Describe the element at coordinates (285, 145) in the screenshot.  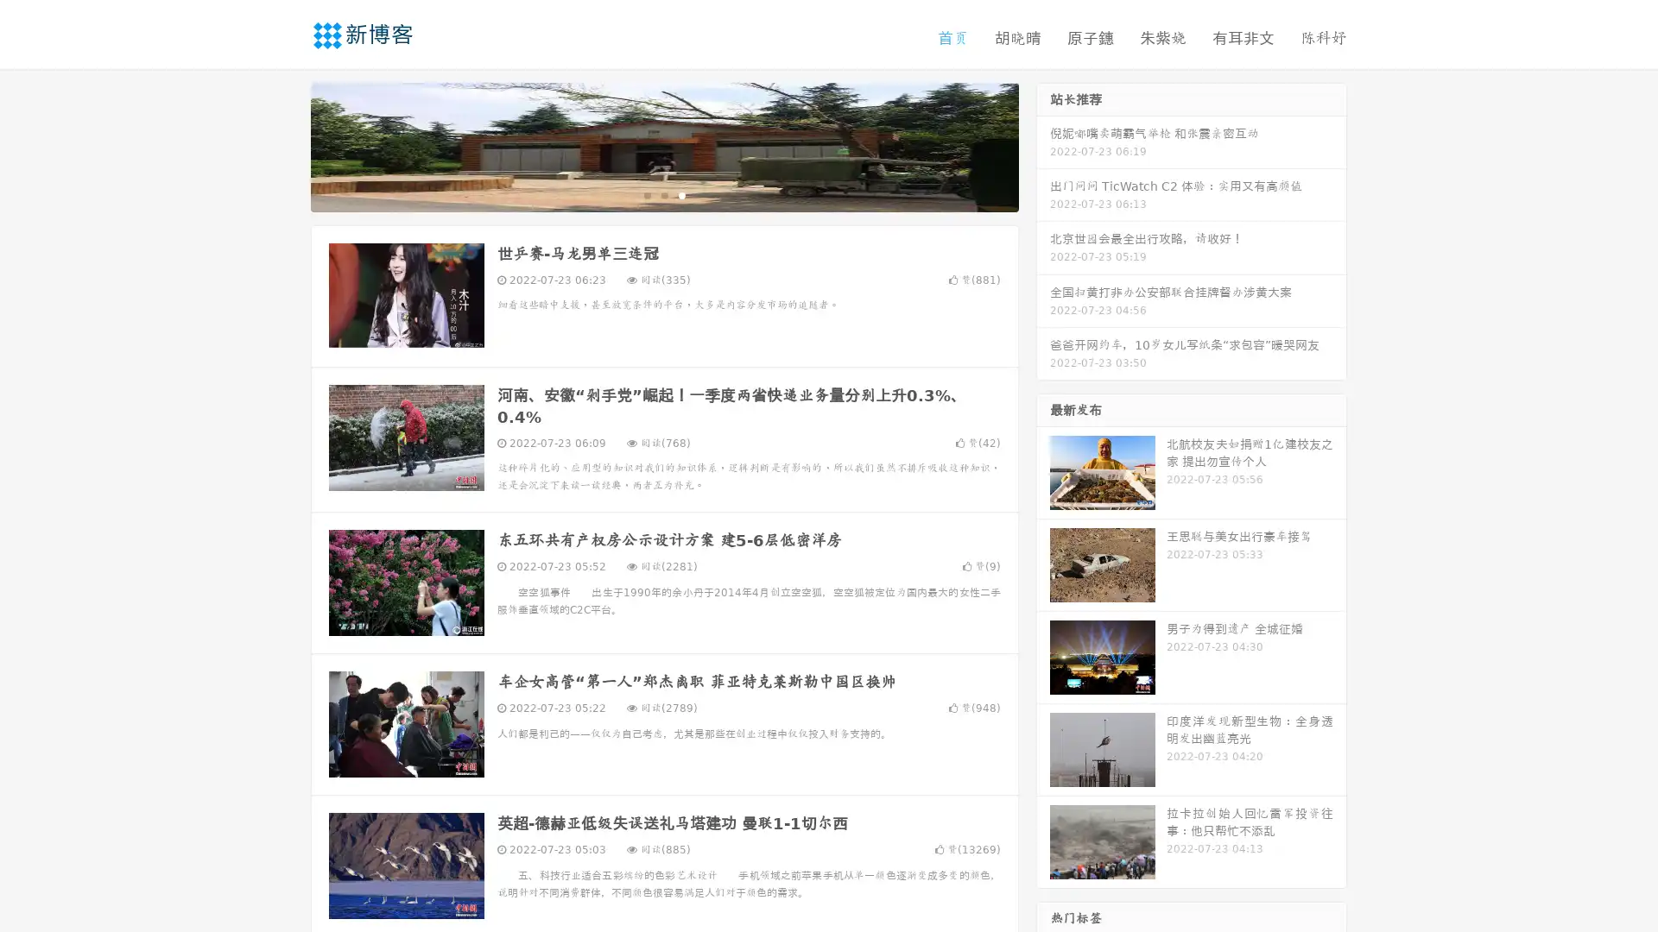
I see `Previous slide` at that location.